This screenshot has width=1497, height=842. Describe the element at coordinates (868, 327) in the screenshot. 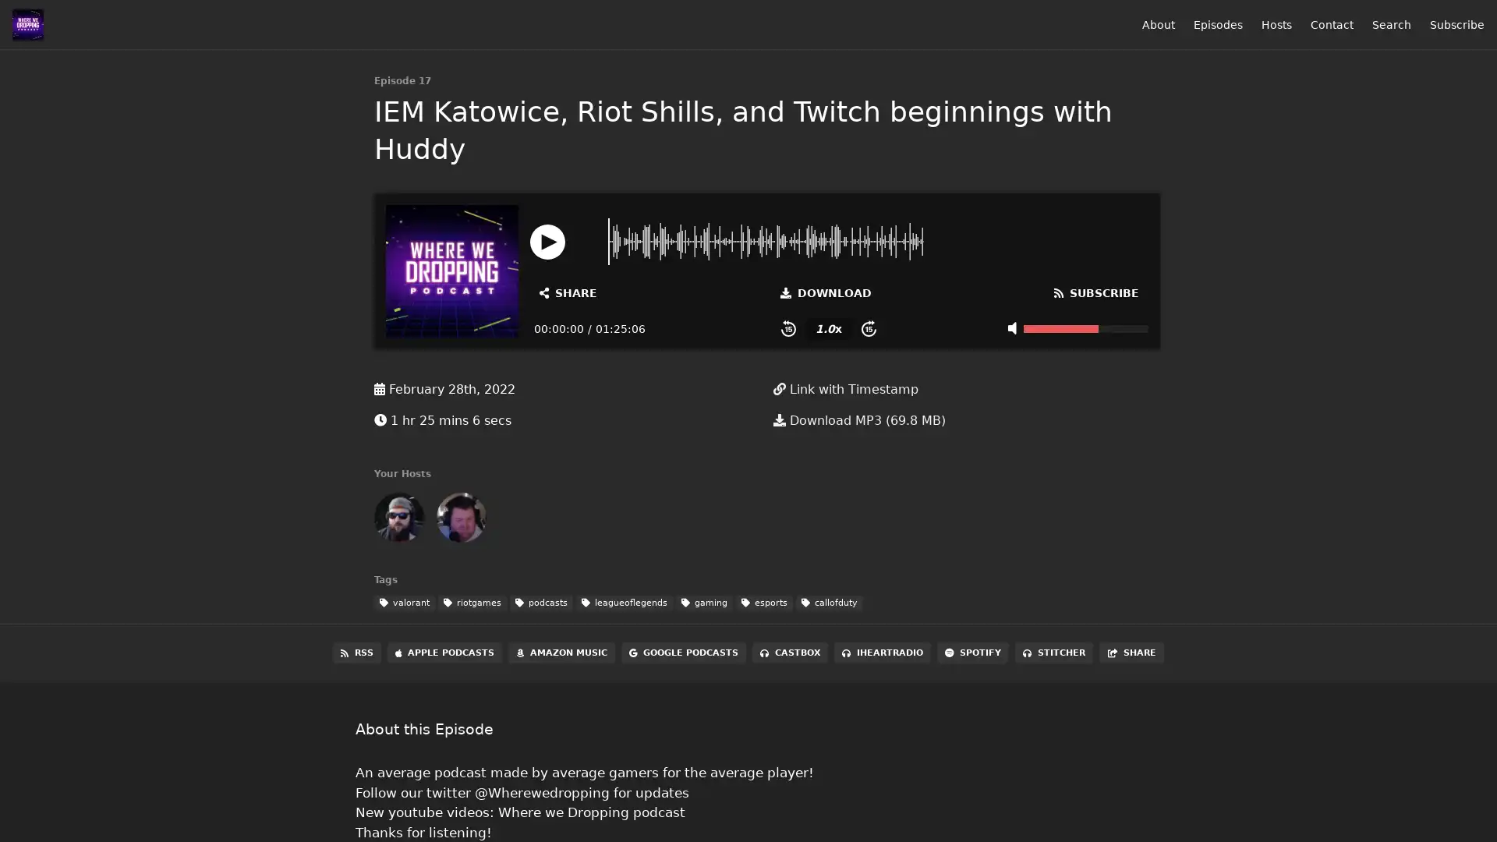

I see `Skip Forward 15 Seconds` at that location.